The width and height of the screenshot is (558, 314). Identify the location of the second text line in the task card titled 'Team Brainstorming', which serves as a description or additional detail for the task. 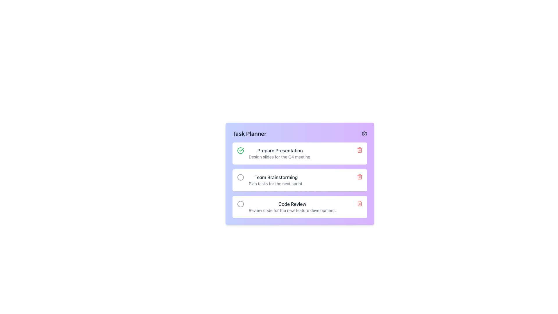
(276, 184).